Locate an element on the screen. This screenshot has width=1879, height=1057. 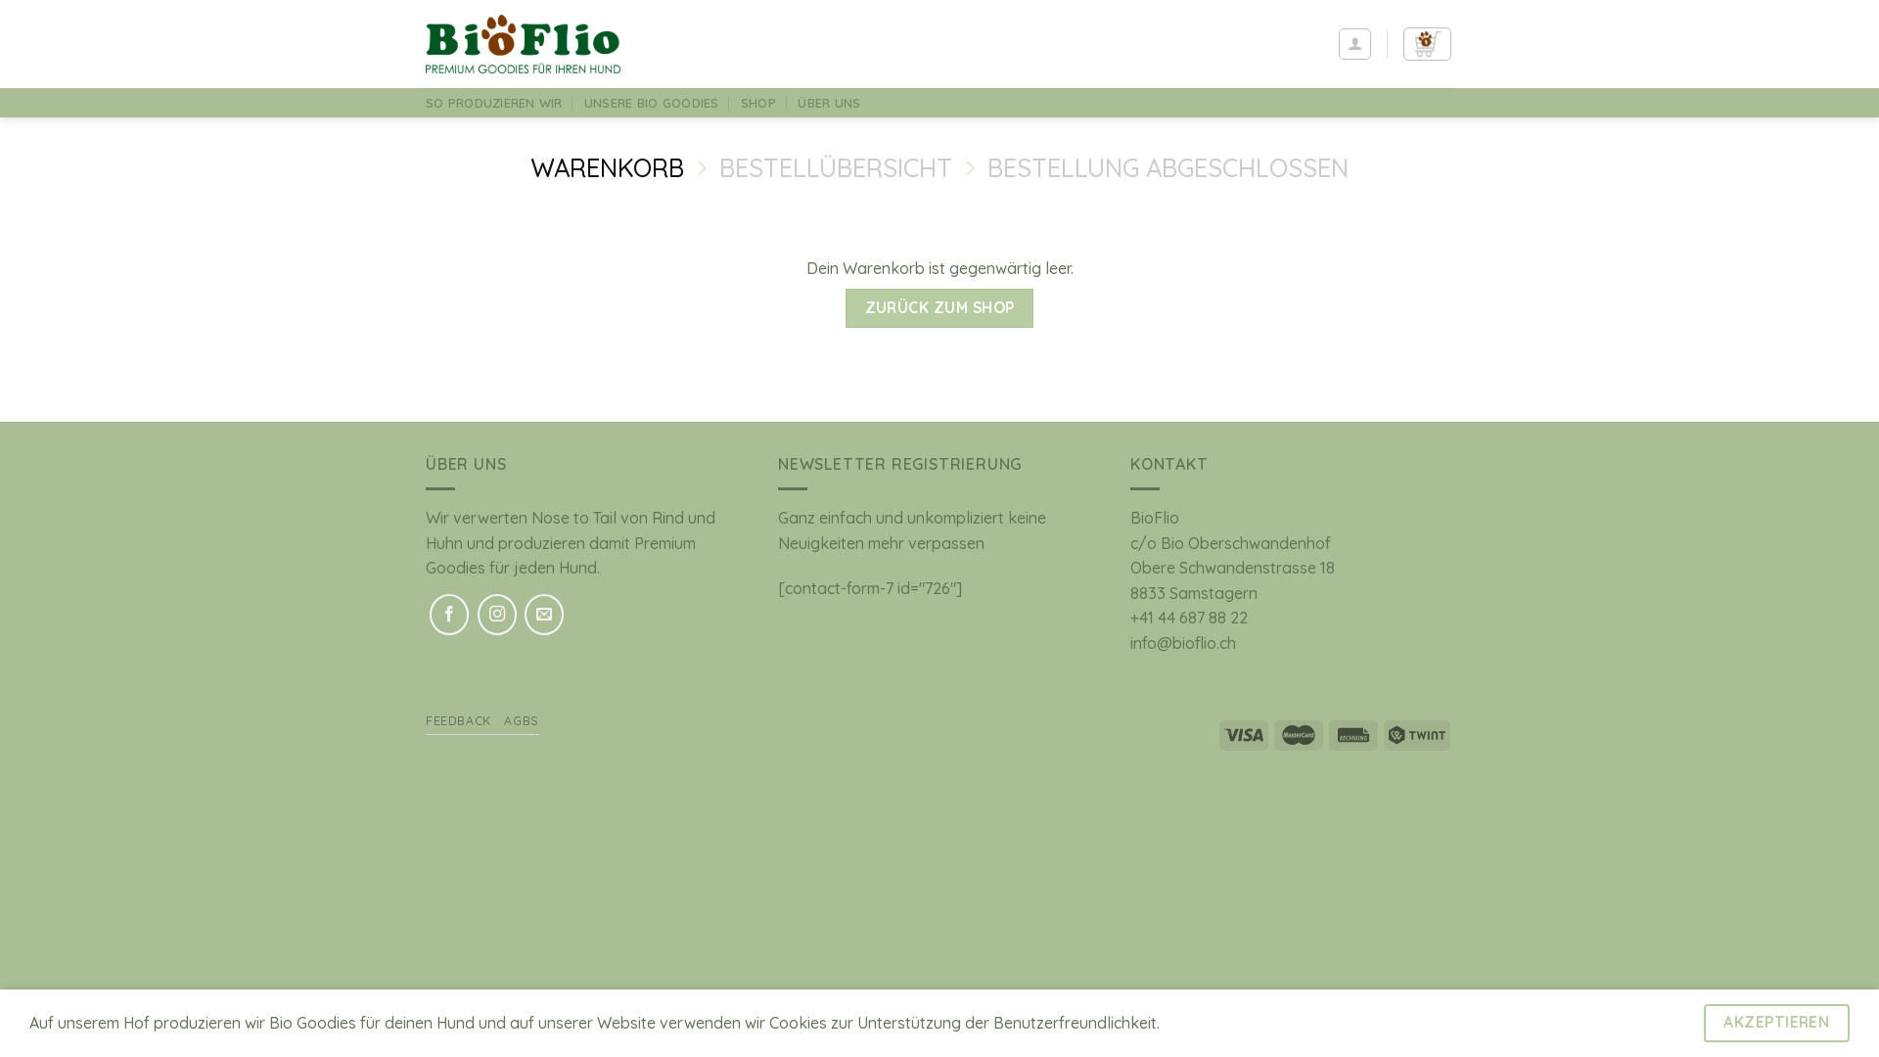
'SO PRODUZIEREN WIR' is located at coordinates (493, 102).